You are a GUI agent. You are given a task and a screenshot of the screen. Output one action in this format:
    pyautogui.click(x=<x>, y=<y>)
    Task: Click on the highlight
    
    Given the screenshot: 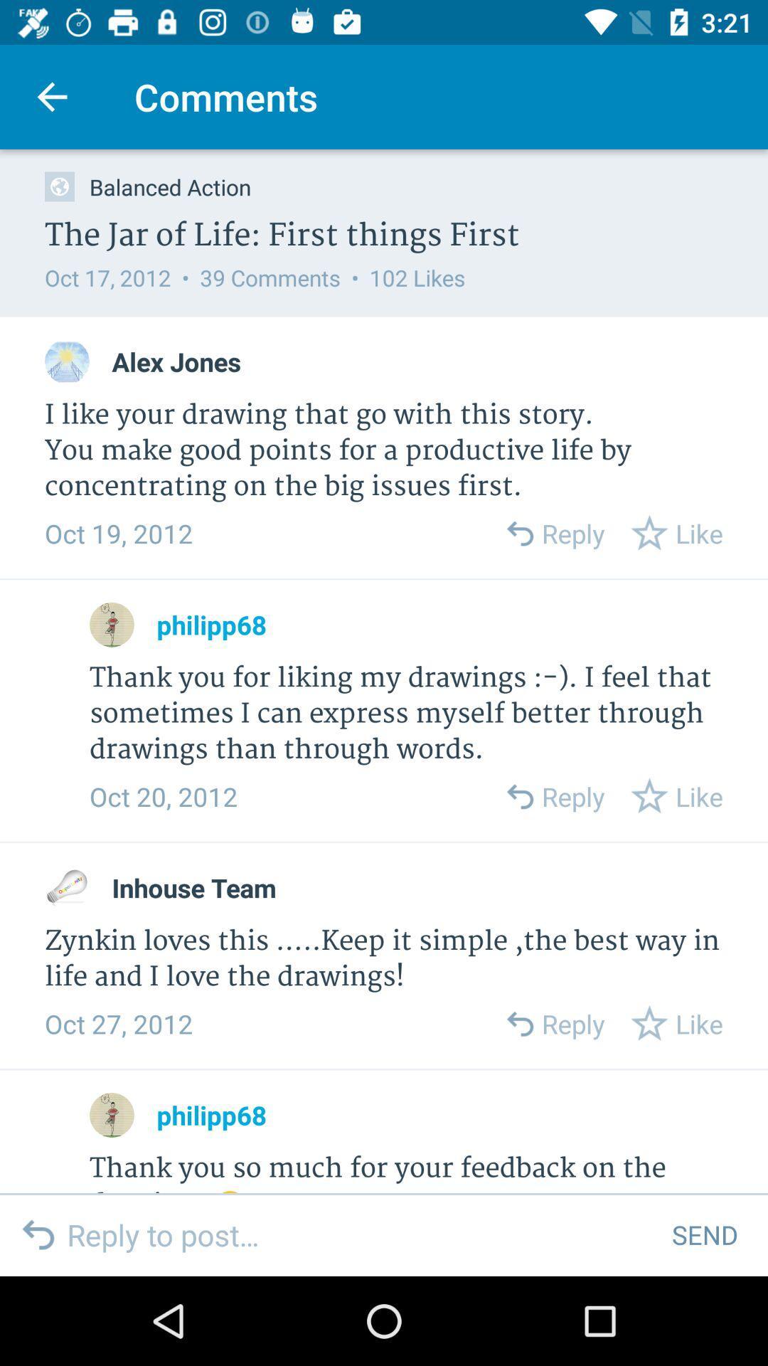 What is the action you would take?
    pyautogui.click(x=67, y=887)
    